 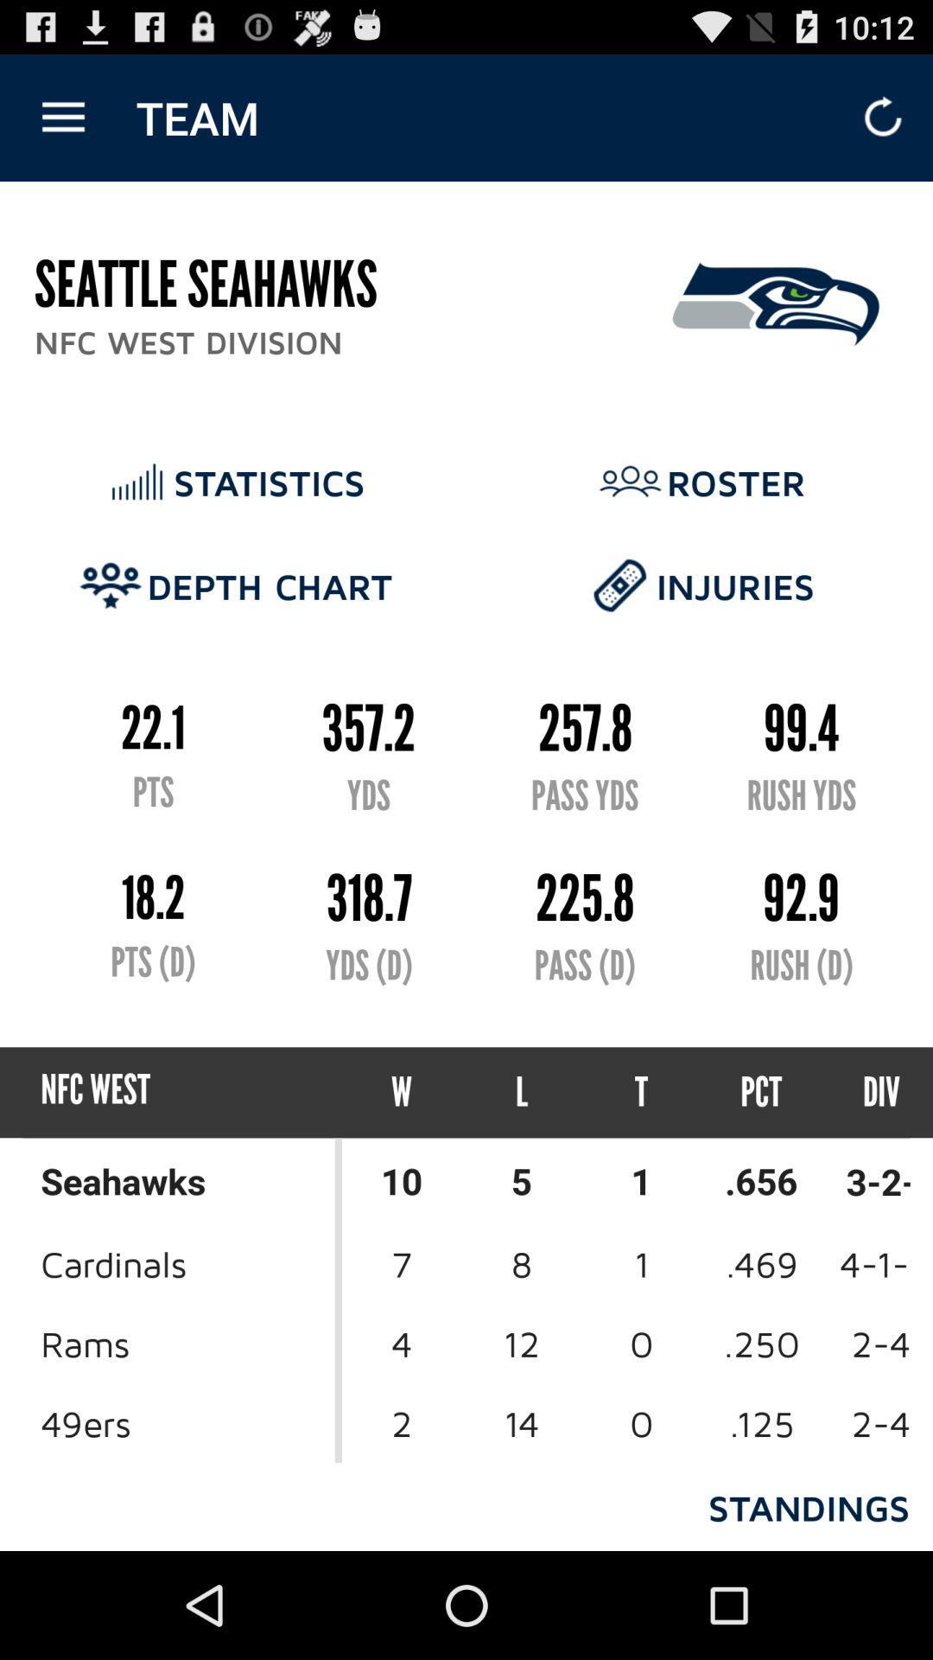 I want to click on t, so click(x=641, y=1091).